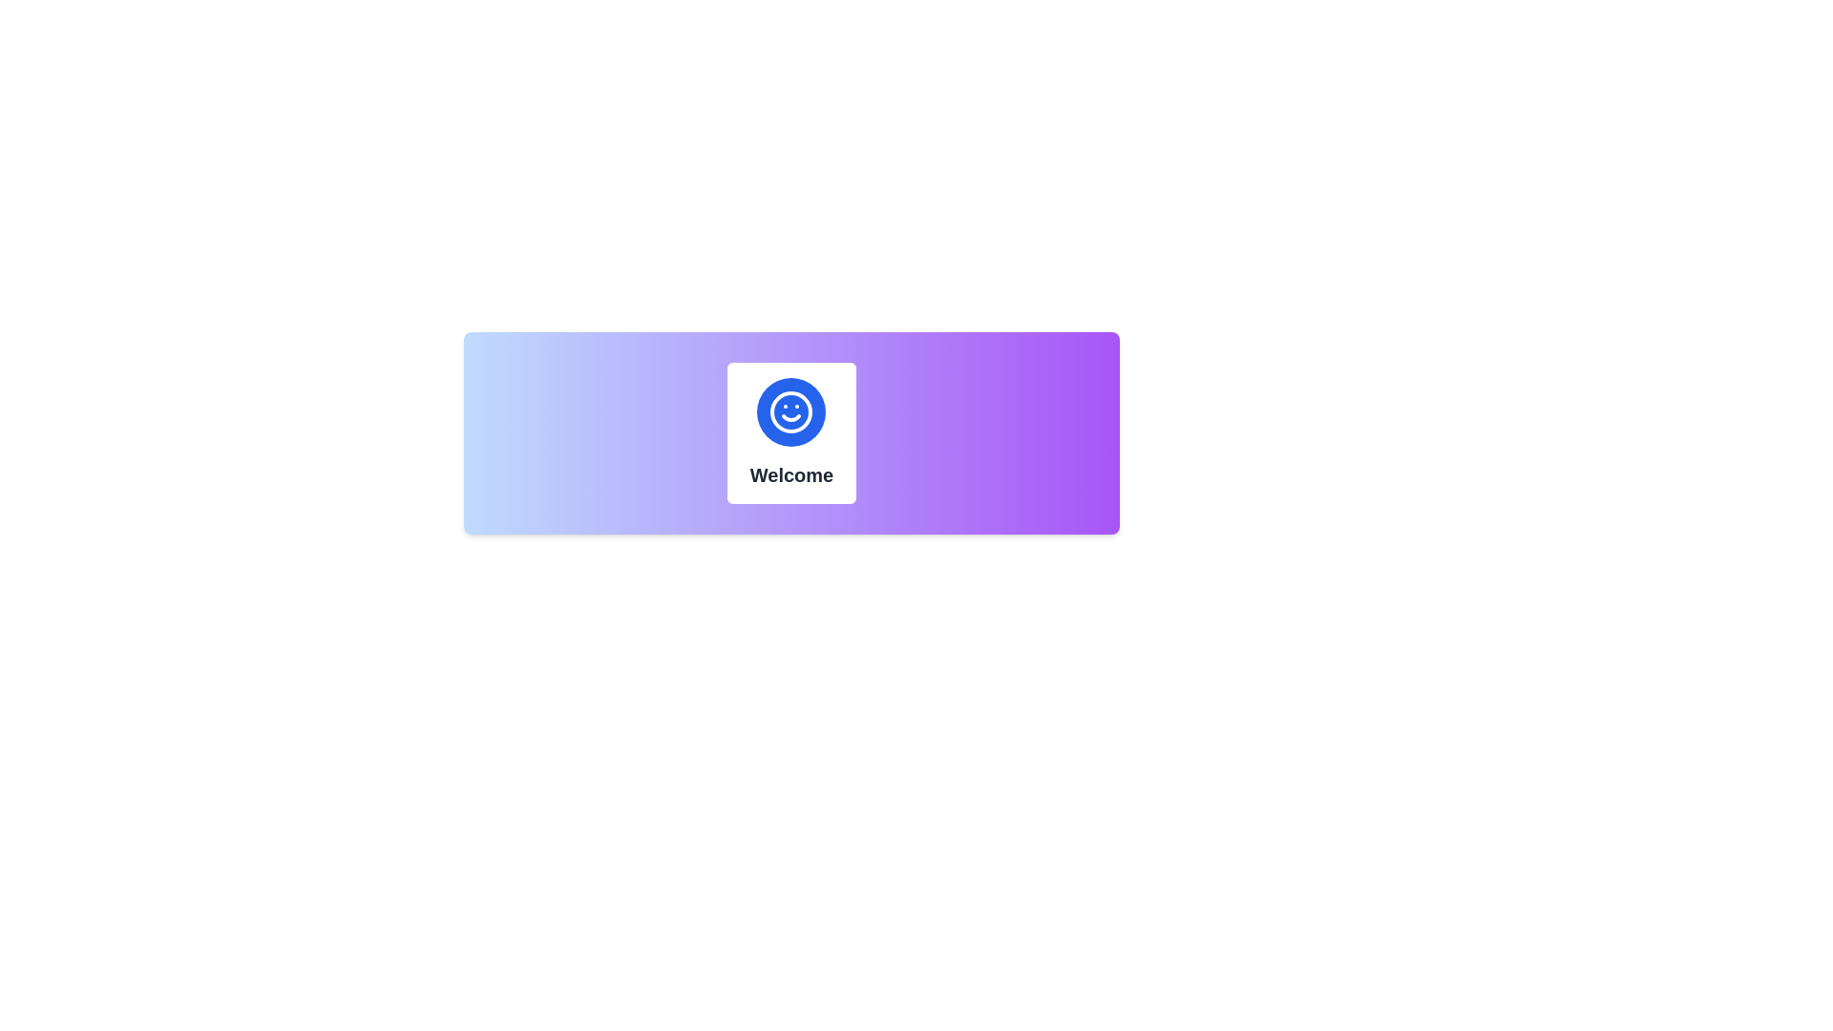  I want to click on the icon within the centrally positioned welcoming card that introduces users to the interface or feature, so click(791, 433).